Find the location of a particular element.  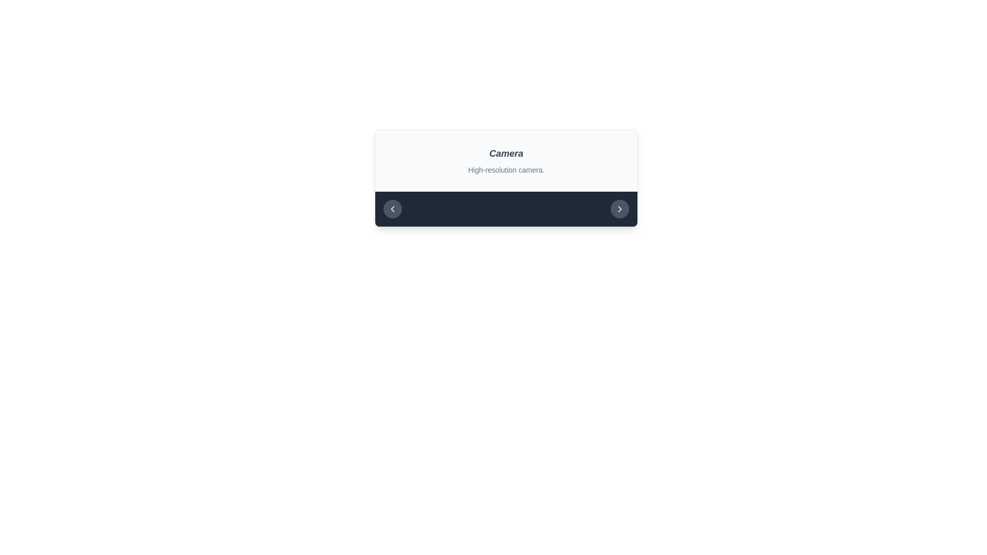

the circular button with a dark gray background and a white left-pointing chevron icon is located at coordinates (392, 209).